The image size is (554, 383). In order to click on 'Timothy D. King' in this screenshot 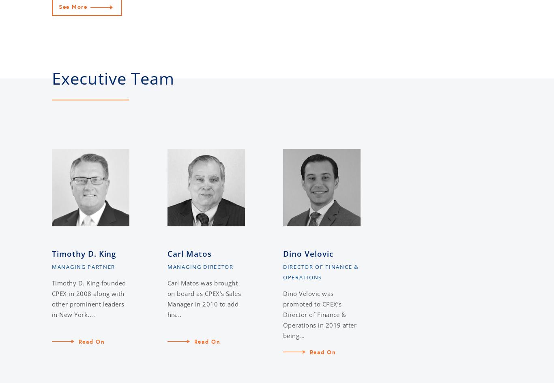, I will do `click(84, 253)`.